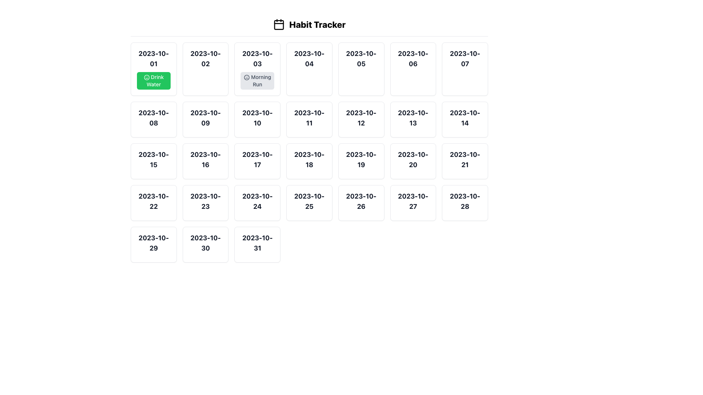 The width and height of the screenshot is (703, 395). Describe the element at coordinates (146, 78) in the screenshot. I see `the circular graphical element that is part of the 'Drink Water' icon, located in the green-bordered box for October 1, 2023, in the habit tracking interface` at that location.